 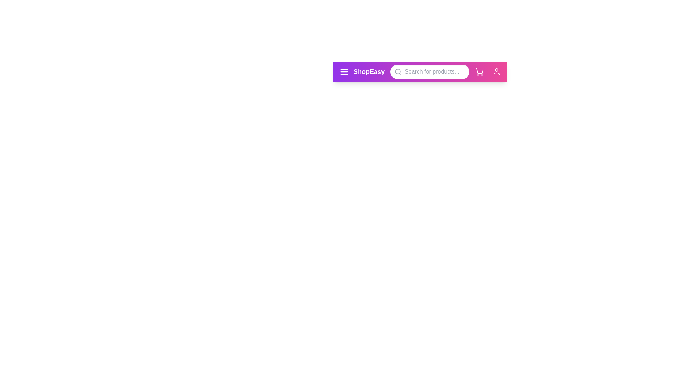 I want to click on the menu icon to open the menu, so click(x=344, y=71).